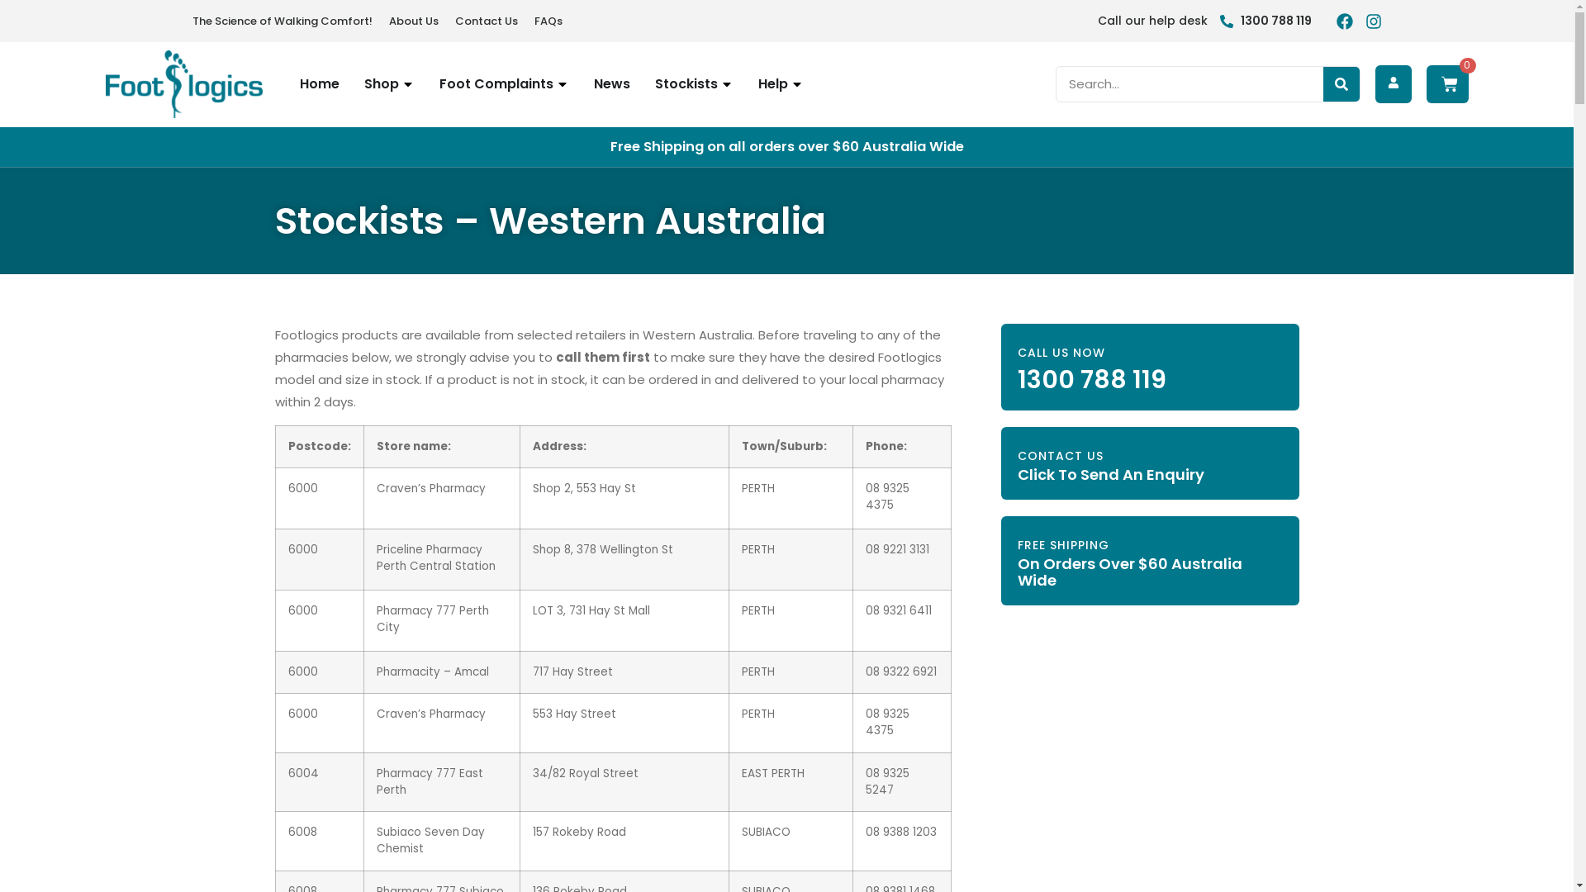  Describe the element at coordinates (1446, 83) in the screenshot. I see `'$0.00` at that location.